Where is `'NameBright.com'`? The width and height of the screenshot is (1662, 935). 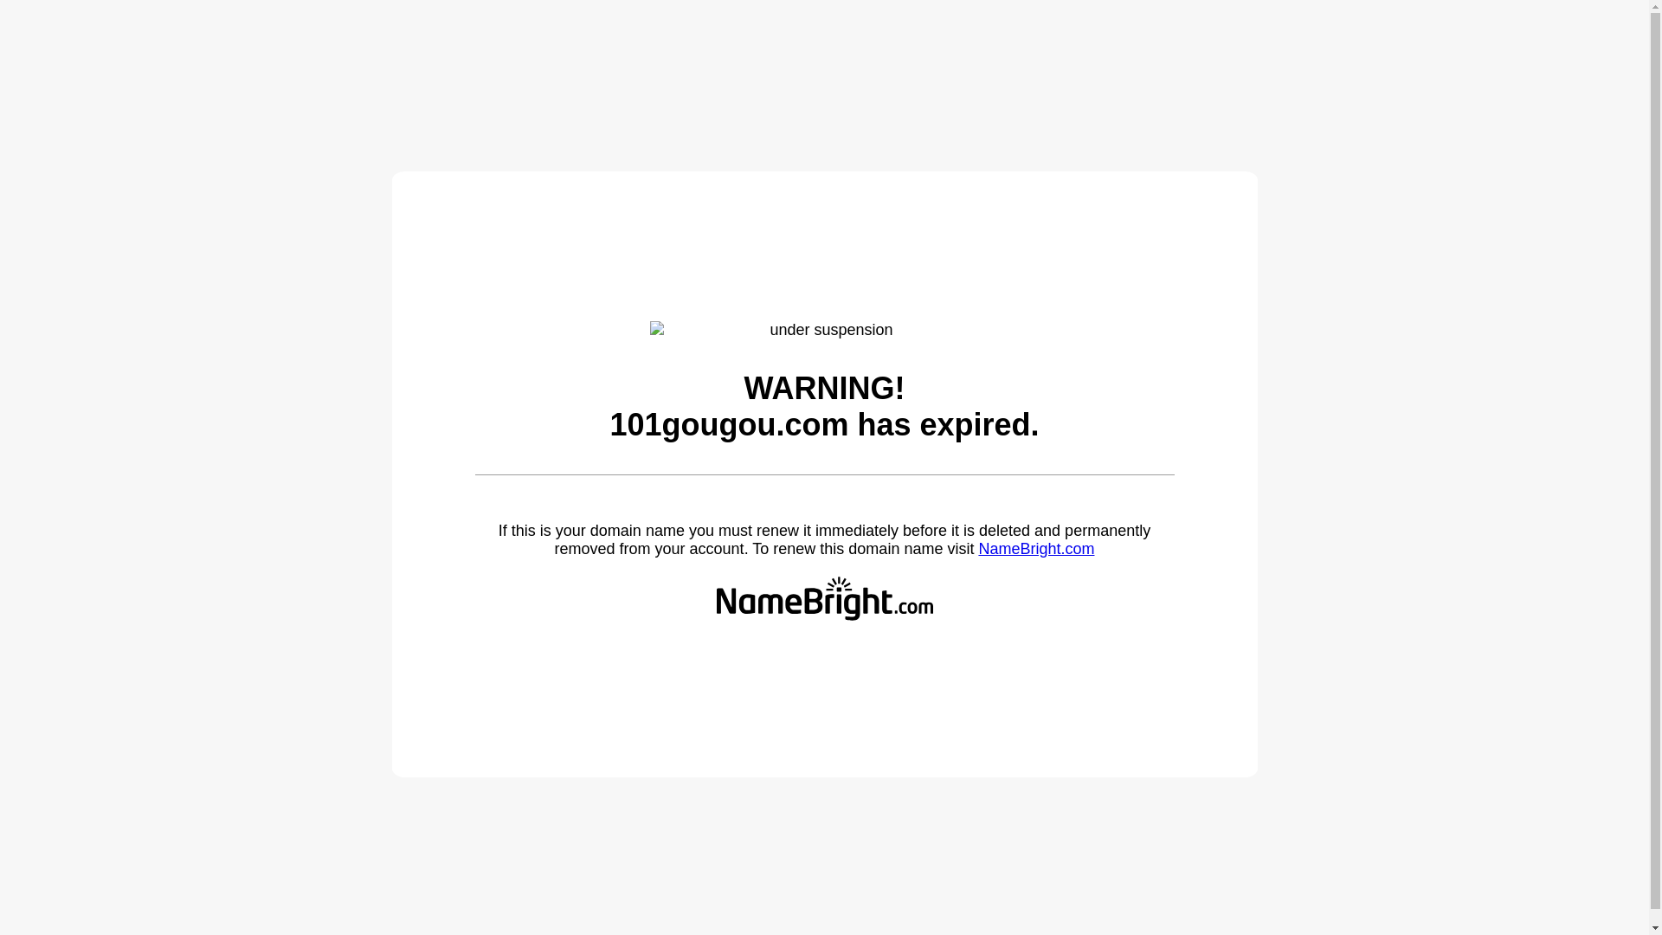 'NameBright.com' is located at coordinates (1035, 548).